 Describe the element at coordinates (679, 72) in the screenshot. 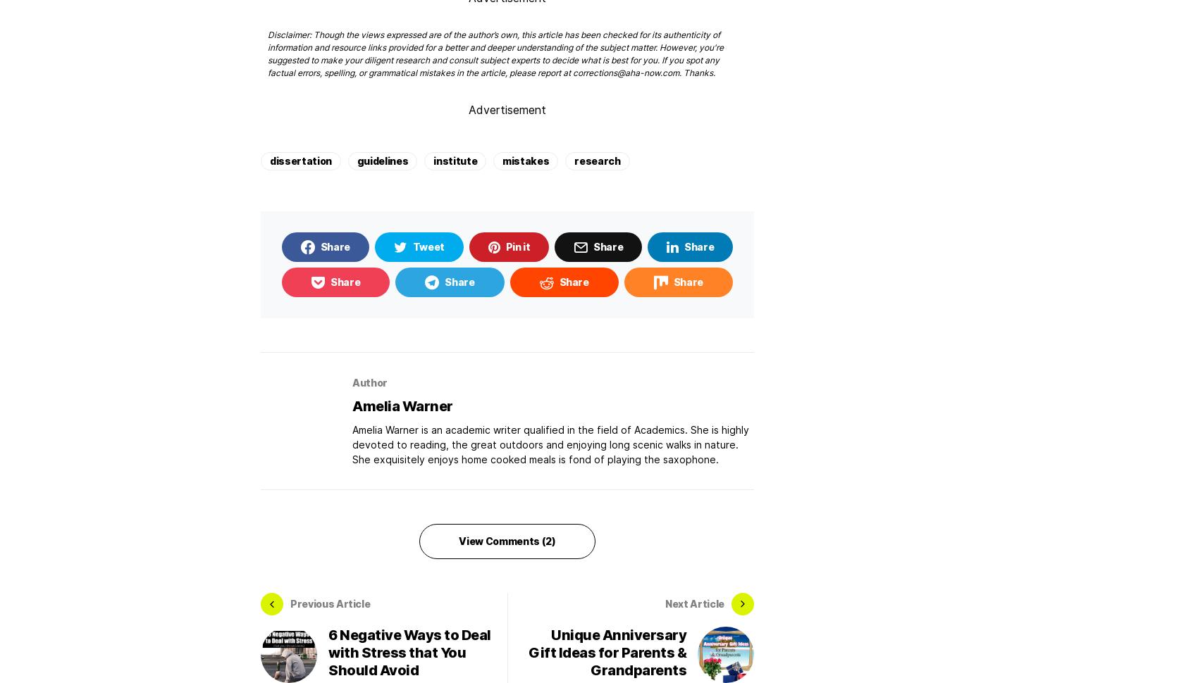

I see `'. Thanks.'` at that location.